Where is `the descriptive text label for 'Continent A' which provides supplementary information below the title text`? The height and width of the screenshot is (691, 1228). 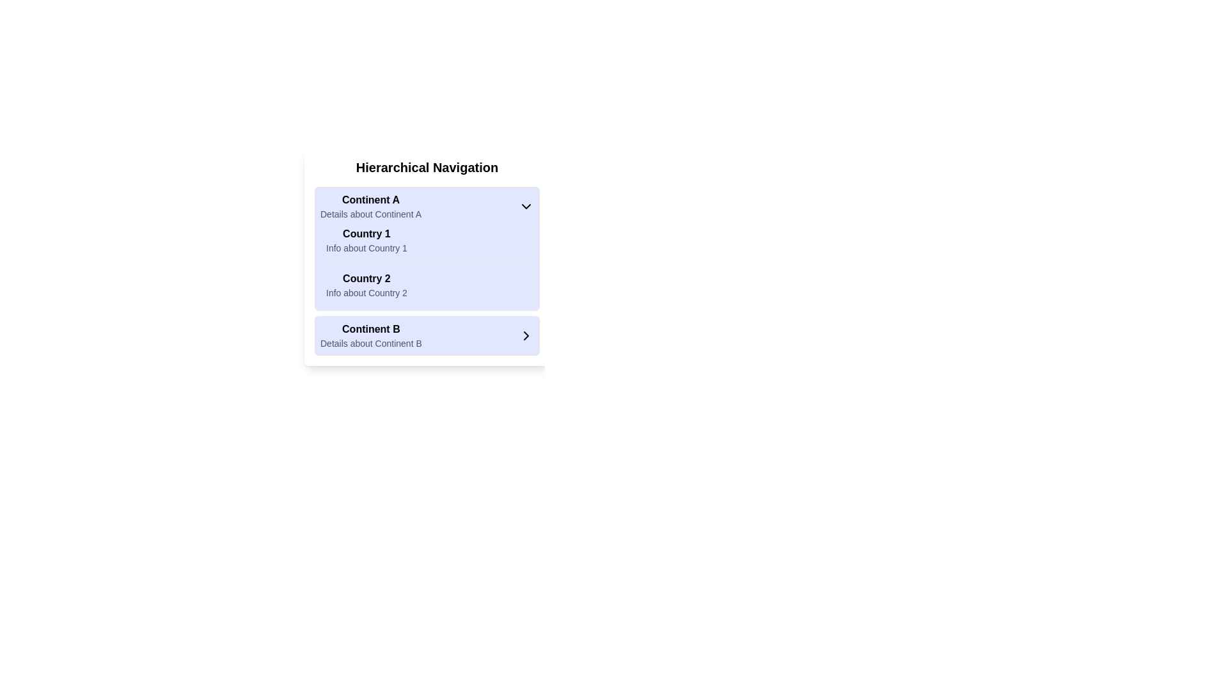 the descriptive text label for 'Continent A' which provides supplementary information below the title text is located at coordinates (370, 214).